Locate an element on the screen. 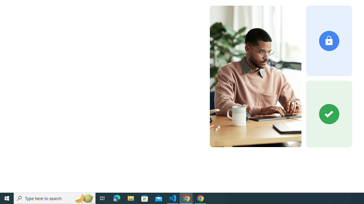 The image size is (364, 204). 'Visual Studio Code - 1 running window' is located at coordinates (172, 198).